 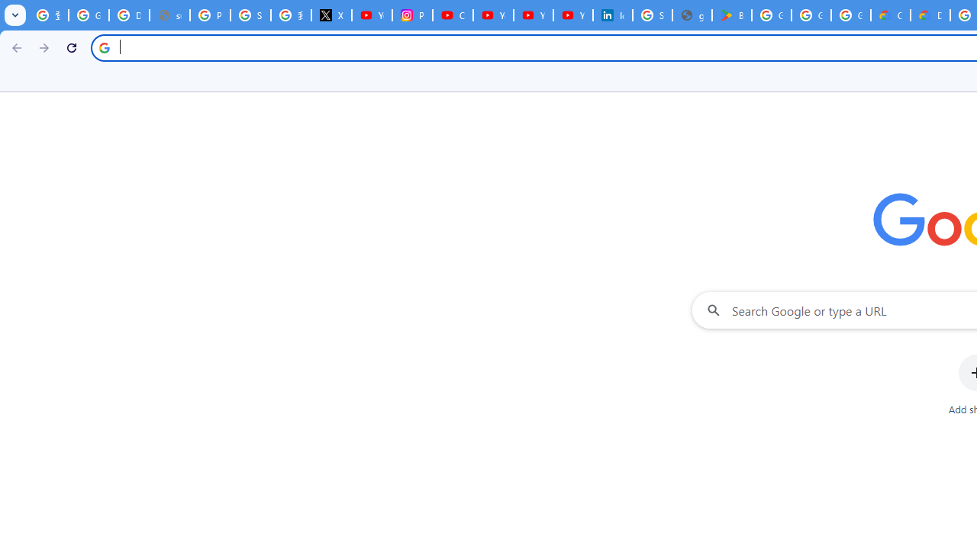 I want to click on 'YouTube Culture & Trends - YouTube Top 10, 2021', so click(x=572, y=15).